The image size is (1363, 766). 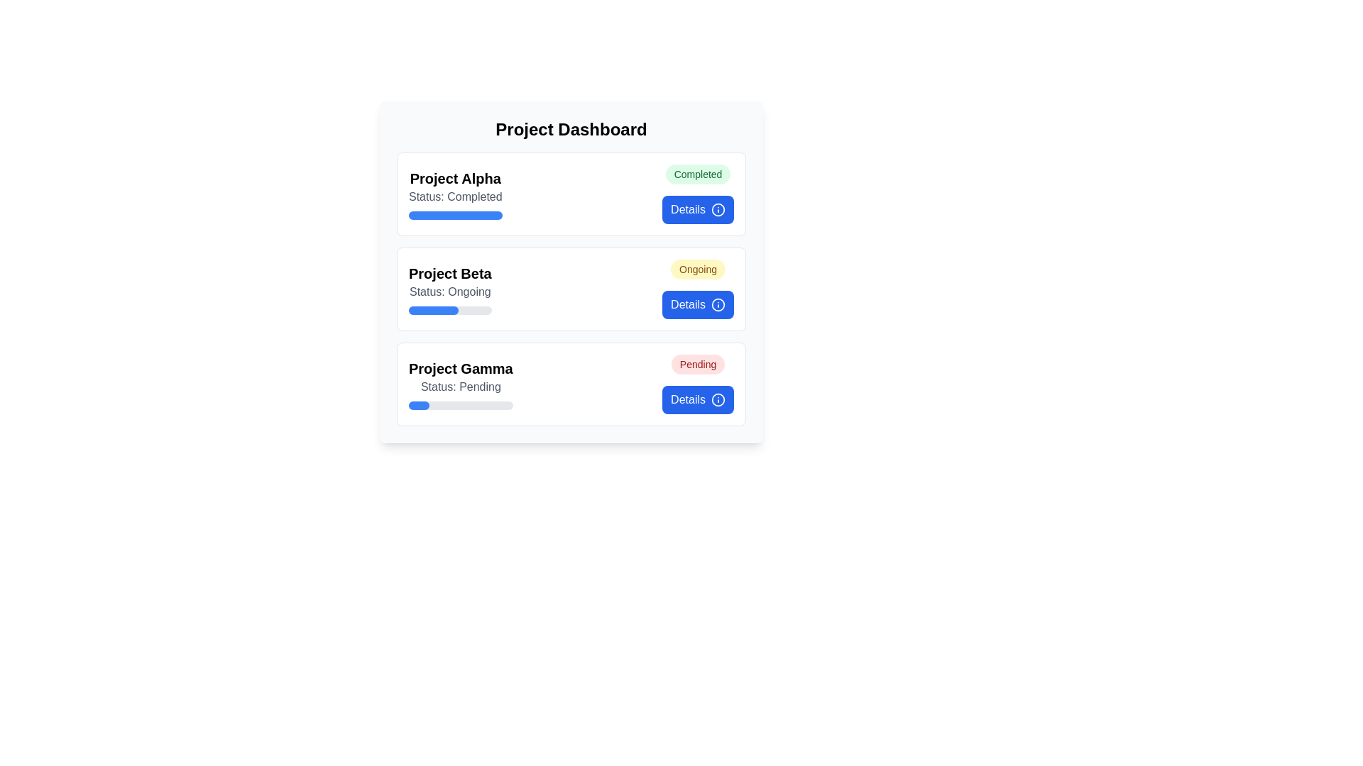 I want to click on the static text label displaying the project status 'Ongoing', located beneath the bold text 'Project Beta', so click(x=449, y=292).